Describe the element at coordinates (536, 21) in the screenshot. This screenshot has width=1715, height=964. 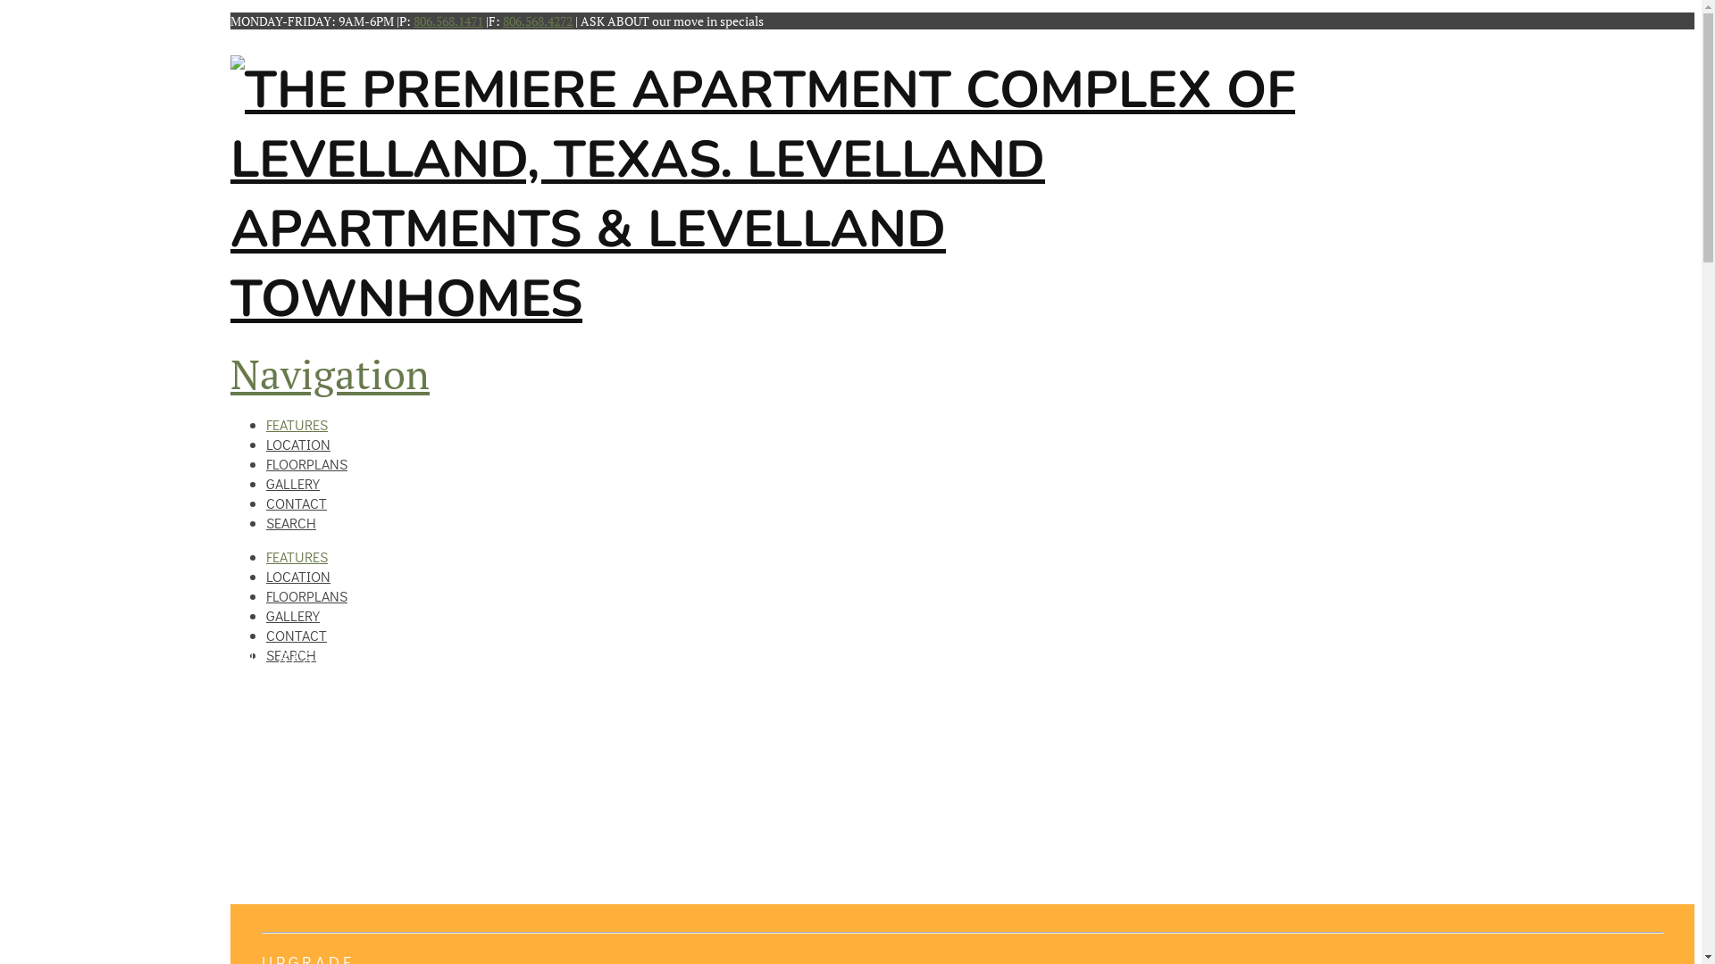
I see `'806.568.4272'` at that location.